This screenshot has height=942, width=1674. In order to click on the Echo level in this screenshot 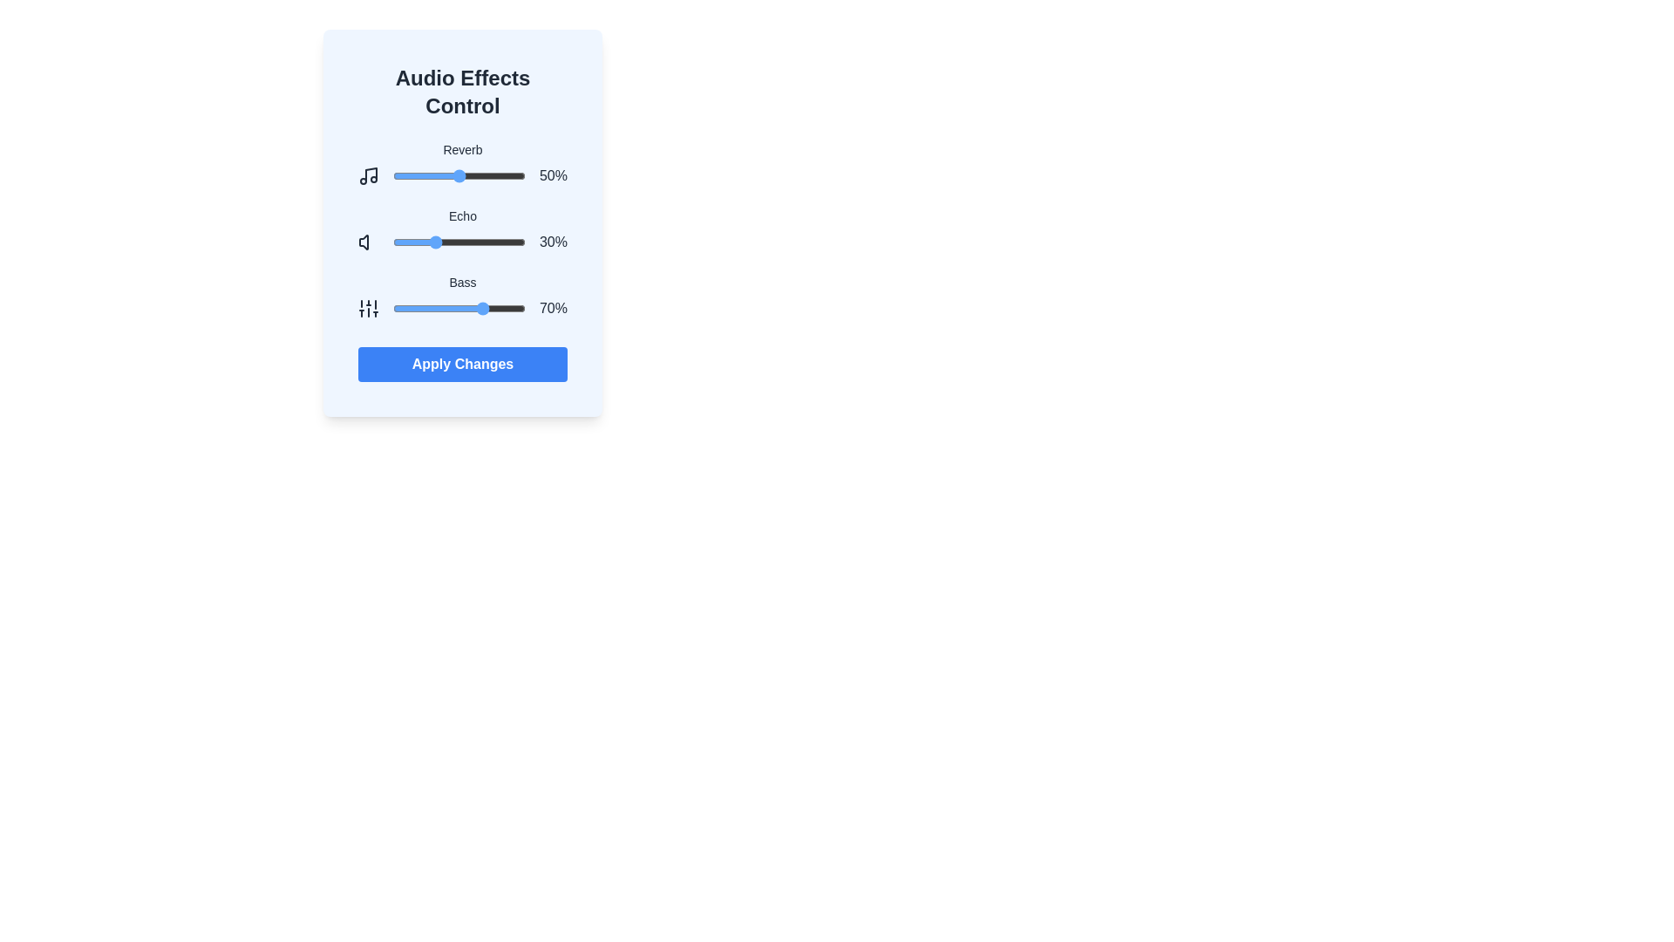, I will do `click(426, 242)`.